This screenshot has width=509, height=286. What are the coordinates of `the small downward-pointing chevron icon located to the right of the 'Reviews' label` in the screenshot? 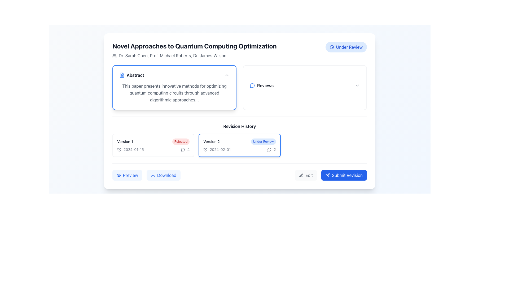 It's located at (357, 85).